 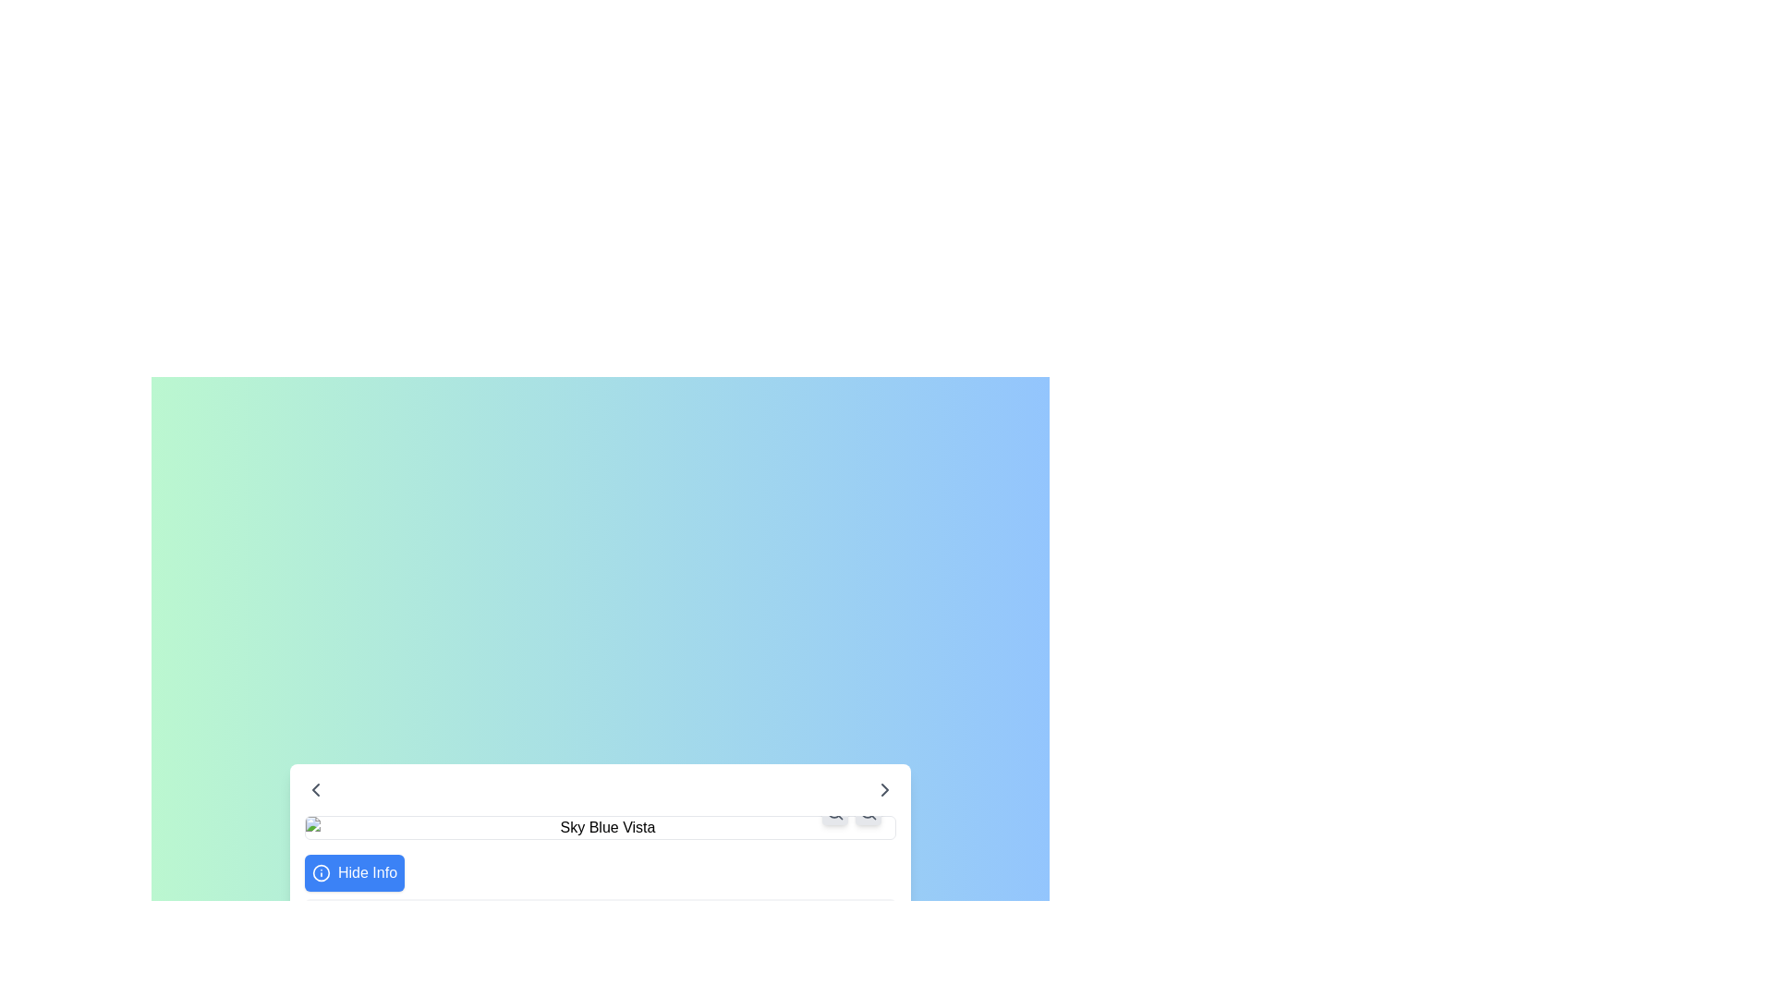 What do you see at coordinates (321, 873) in the screenshot?
I see `the help icon located on the far left side of the 'Hide Info' button in the bottom-left corner of the main interface` at bounding box center [321, 873].